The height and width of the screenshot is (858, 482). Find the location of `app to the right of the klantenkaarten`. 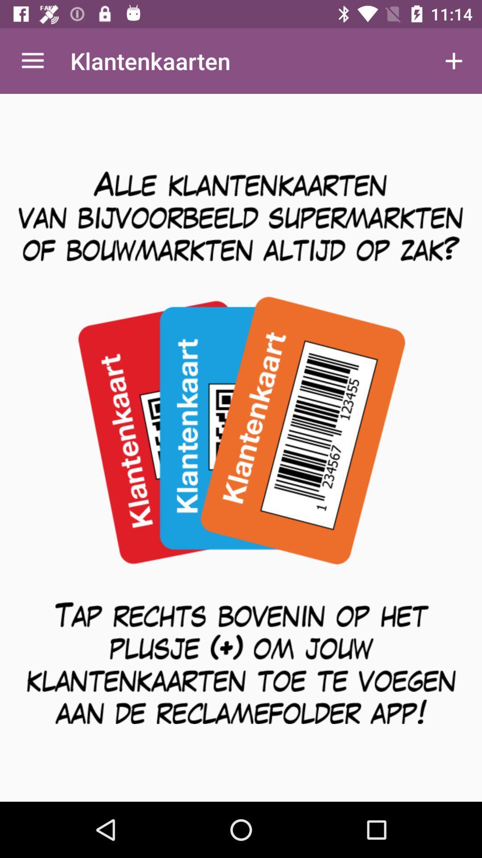

app to the right of the klantenkaarten is located at coordinates (454, 60).